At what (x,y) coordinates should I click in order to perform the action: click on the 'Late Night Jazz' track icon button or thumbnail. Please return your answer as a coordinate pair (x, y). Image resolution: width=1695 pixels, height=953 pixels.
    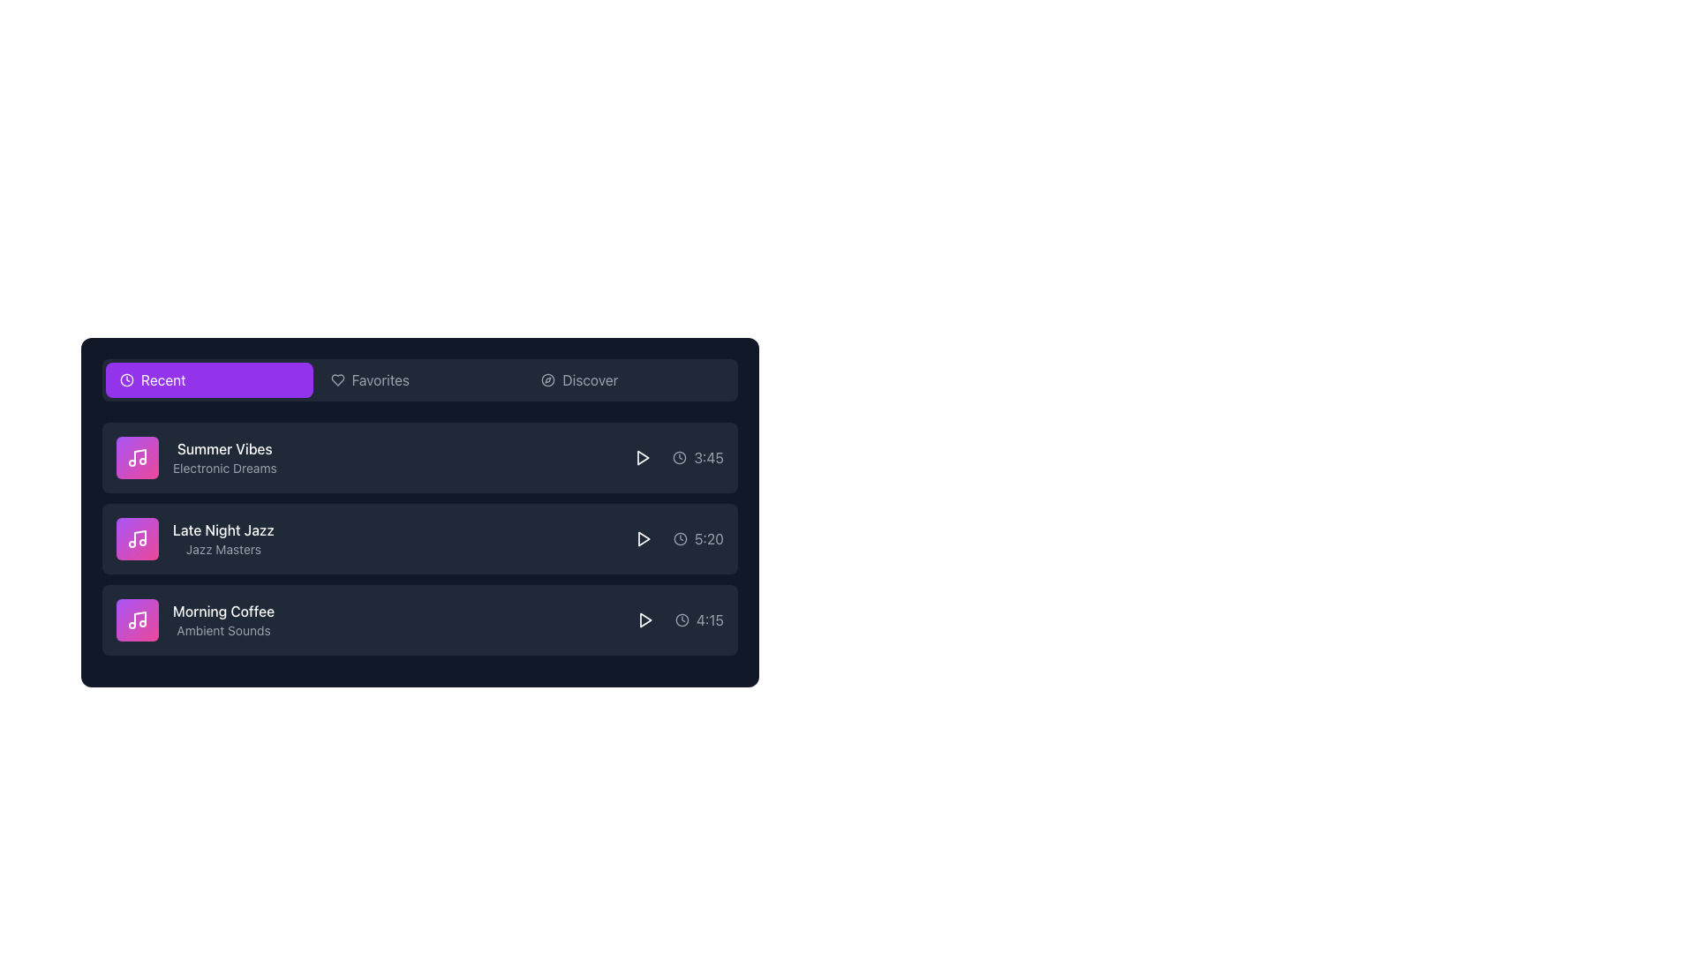
    Looking at the image, I should click on (137, 537).